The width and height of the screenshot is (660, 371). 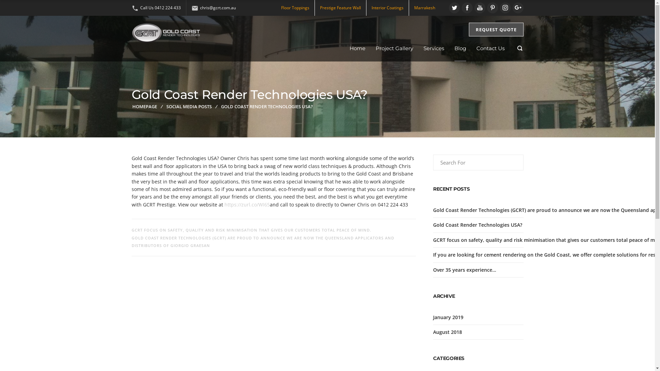 What do you see at coordinates (433, 48) in the screenshot?
I see `'Services'` at bounding box center [433, 48].